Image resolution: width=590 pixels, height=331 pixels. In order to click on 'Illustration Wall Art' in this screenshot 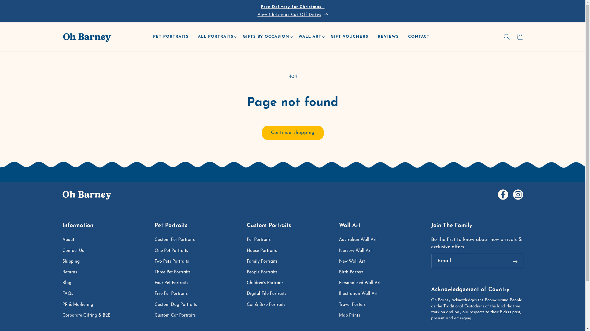, I will do `click(338, 293)`.